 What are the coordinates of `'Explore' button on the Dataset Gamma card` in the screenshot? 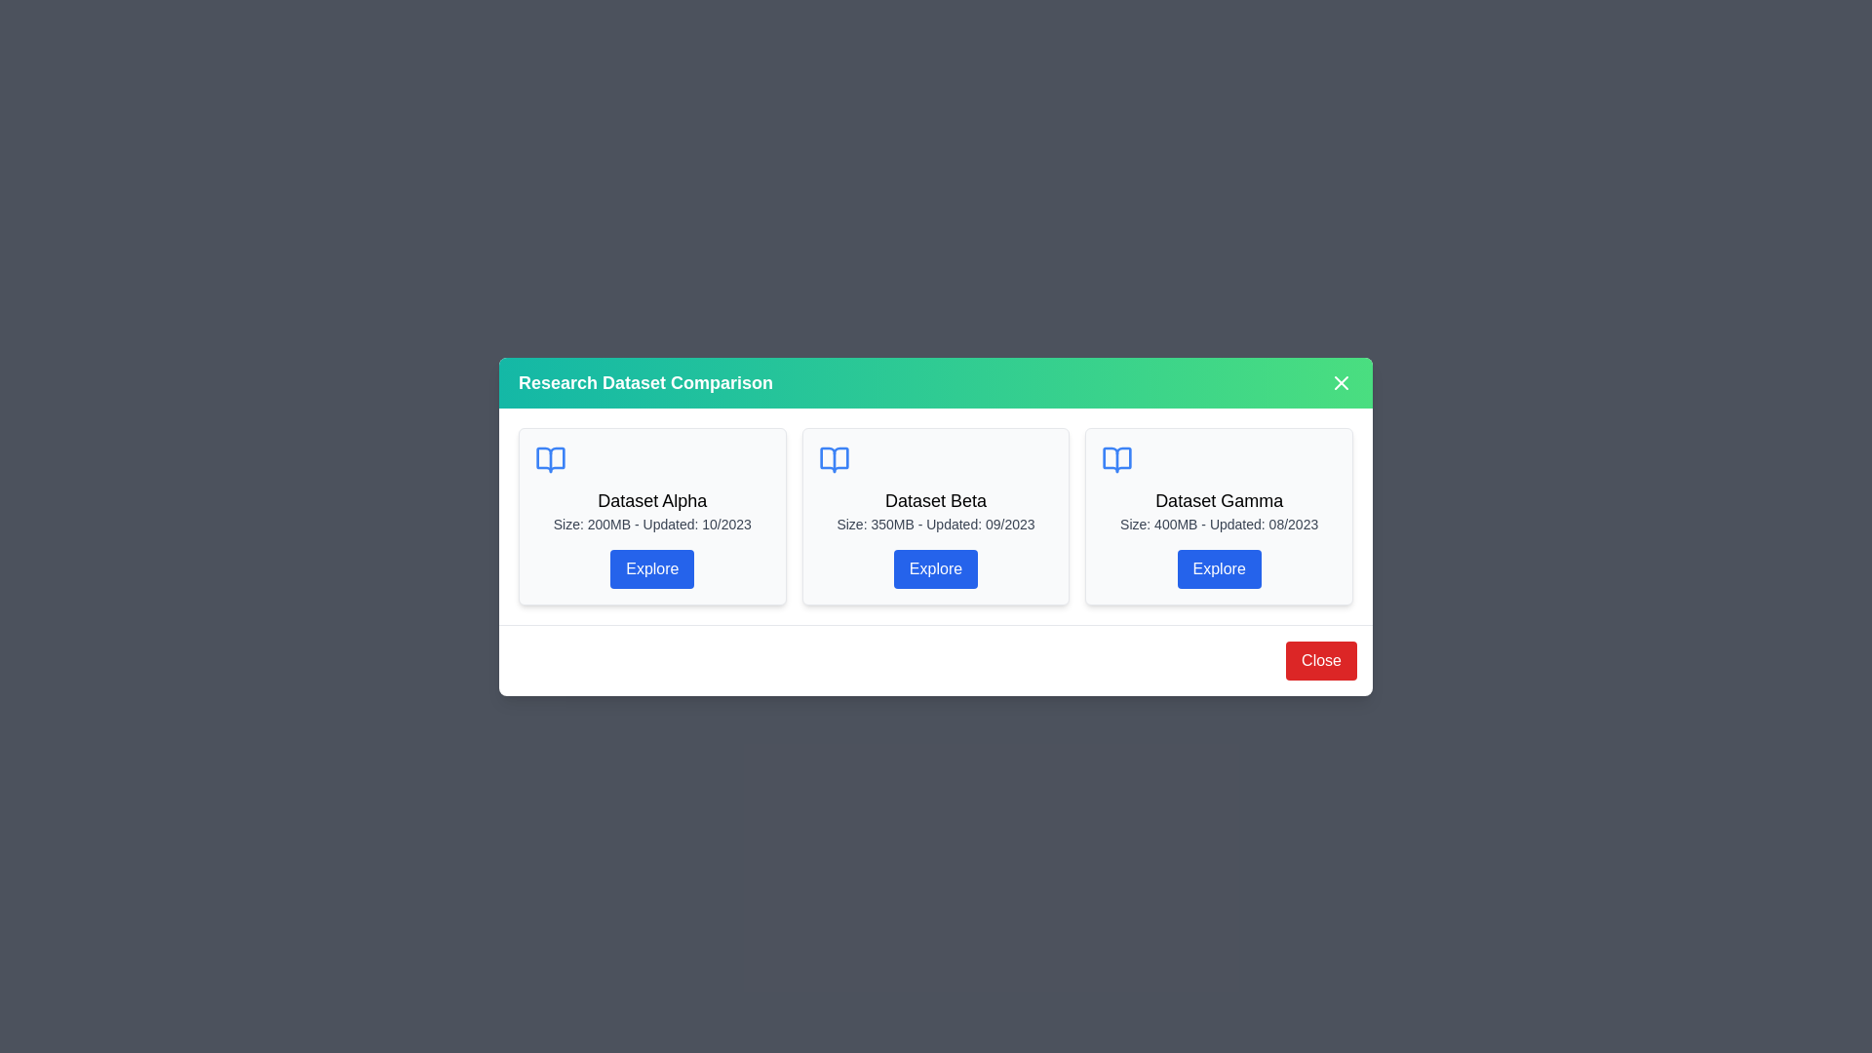 It's located at (1218, 568).